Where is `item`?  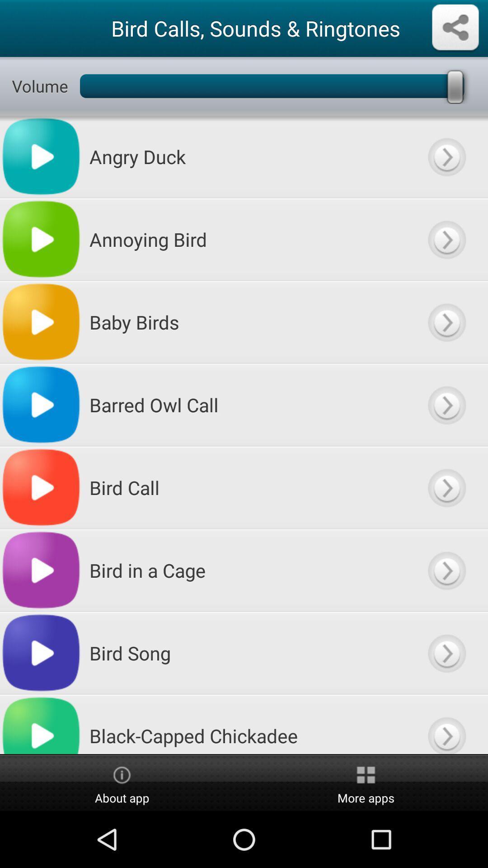
item is located at coordinates (446, 322).